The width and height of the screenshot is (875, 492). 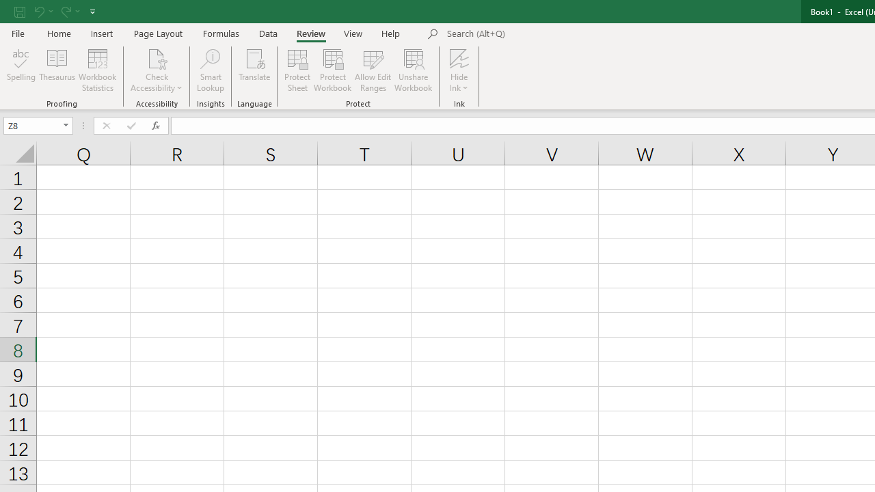 I want to click on 'Smart Lookup', so click(x=210, y=70).